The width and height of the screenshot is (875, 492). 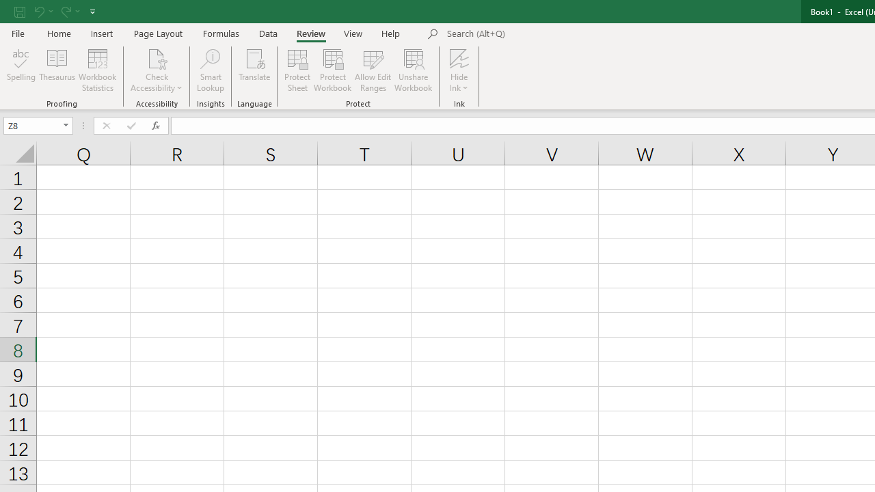 I want to click on 'Smart Lookup', so click(x=210, y=70).